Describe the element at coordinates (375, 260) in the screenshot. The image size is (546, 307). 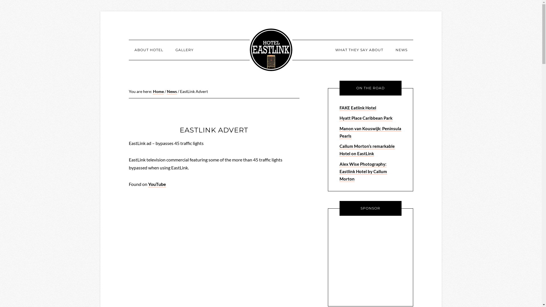
I see `'Advertisement'` at that location.